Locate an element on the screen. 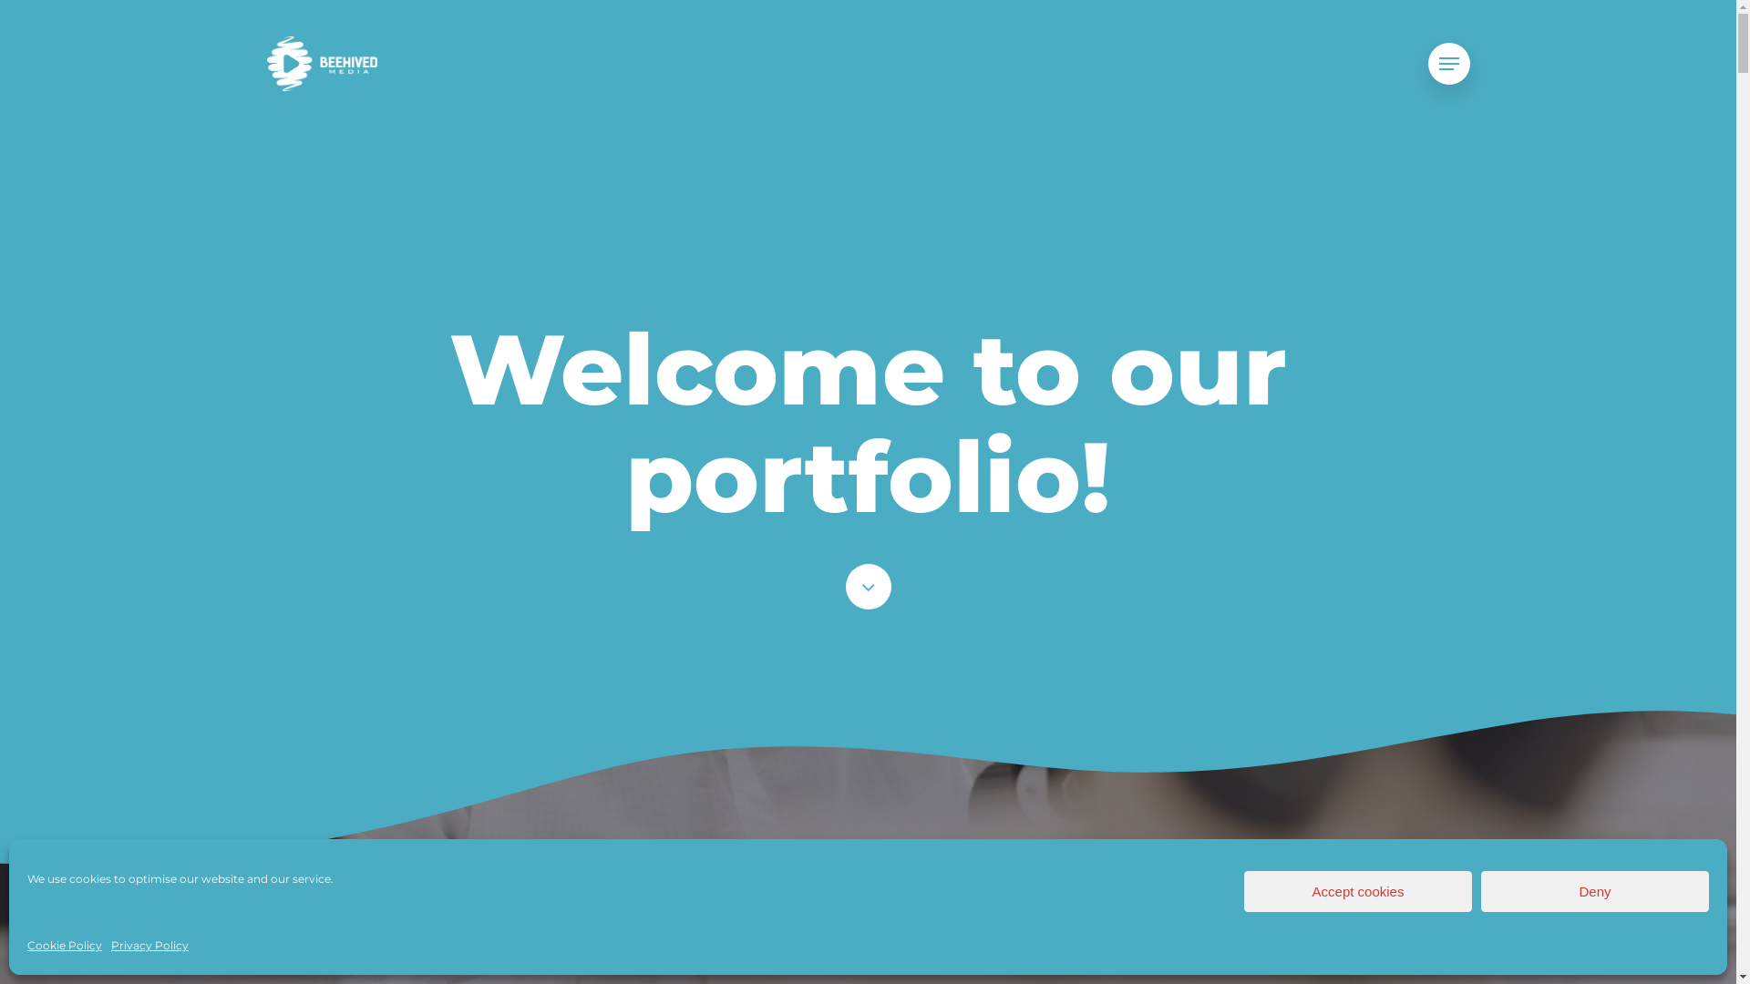 The height and width of the screenshot is (984, 1750). 'Privacy Policy' is located at coordinates (109, 944).